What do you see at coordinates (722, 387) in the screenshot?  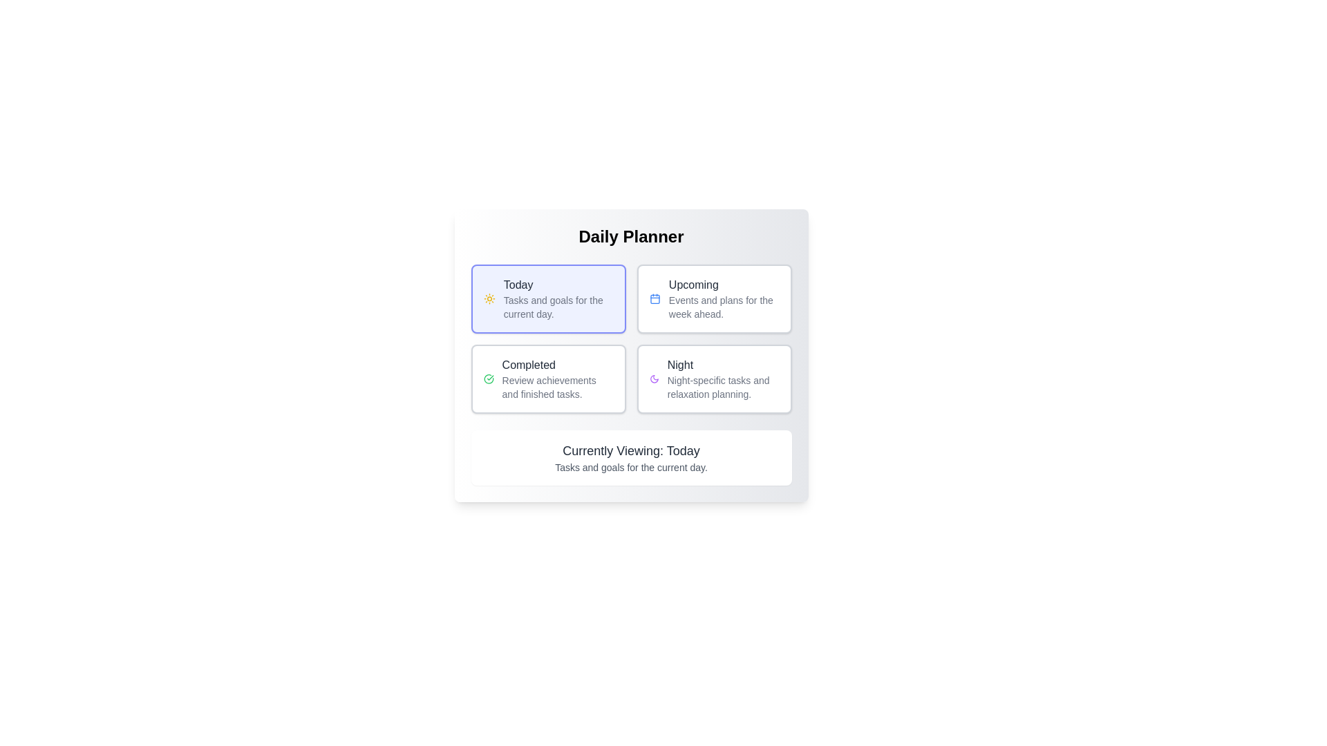 I see `the static text element that provides a description of the 'Night' category, located below the header text 'Night' in the card layout` at bounding box center [722, 387].